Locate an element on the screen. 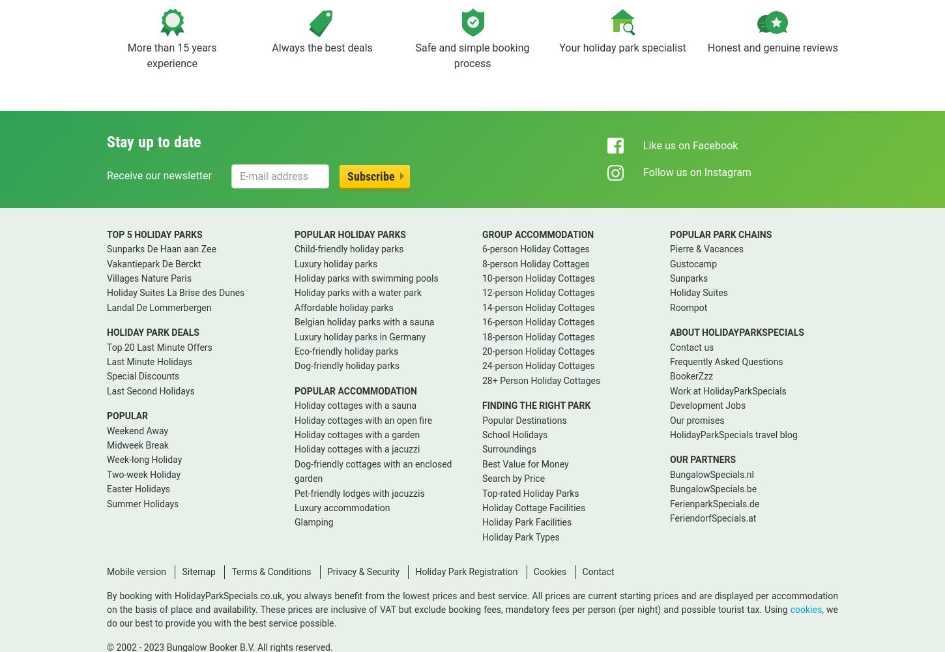  'Belgian holiday parks with a sauna' is located at coordinates (293, 321).